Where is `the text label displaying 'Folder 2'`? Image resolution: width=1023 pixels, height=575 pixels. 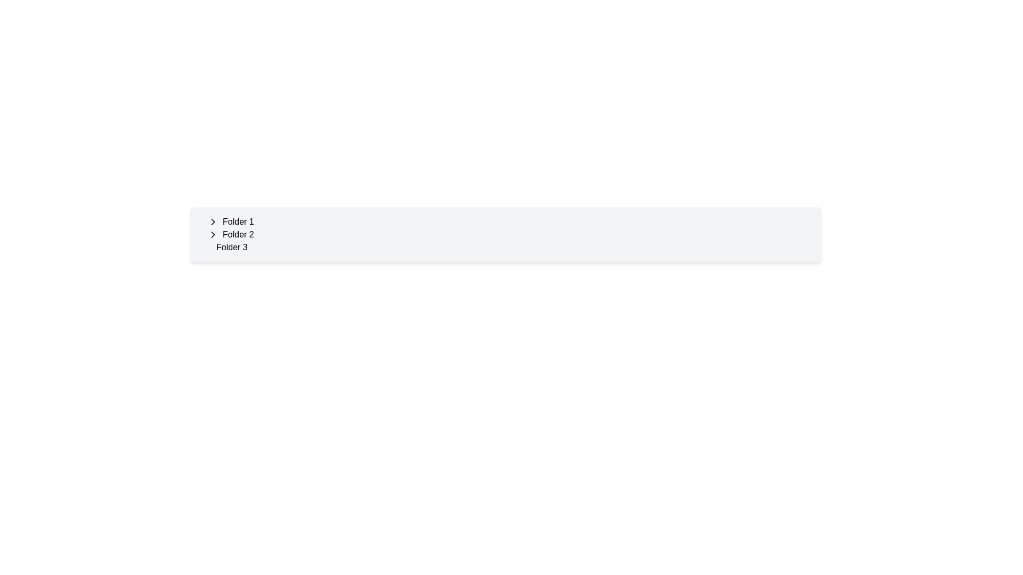
the text label displaying 'Folder 2' is located at coordinates (237, 234).